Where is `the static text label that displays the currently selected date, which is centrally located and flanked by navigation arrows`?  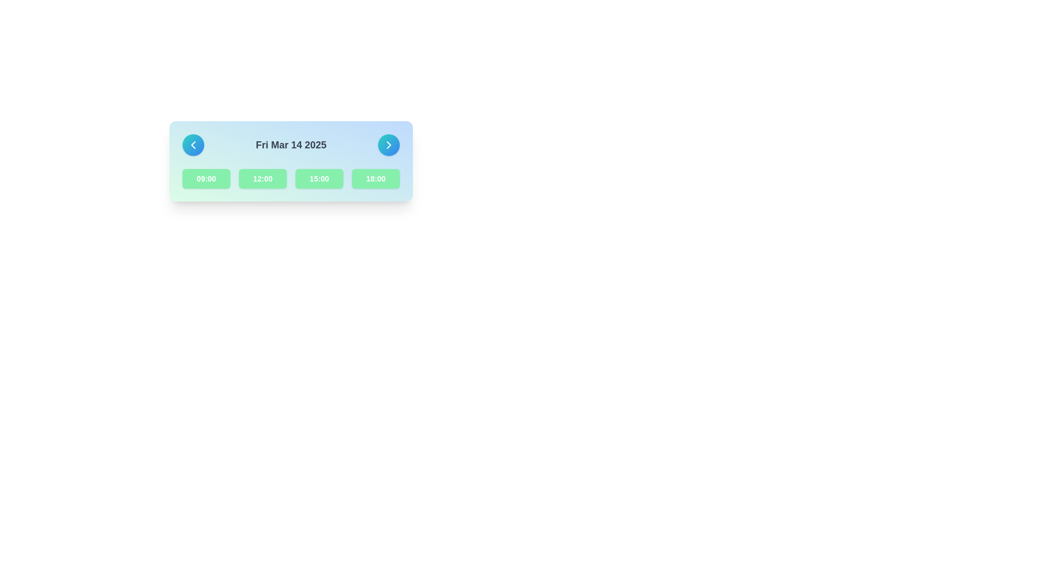
the static text label that displays the currently selected date, which is centrally located and flanked by navigation arrows is located at coordinates (291, 144).